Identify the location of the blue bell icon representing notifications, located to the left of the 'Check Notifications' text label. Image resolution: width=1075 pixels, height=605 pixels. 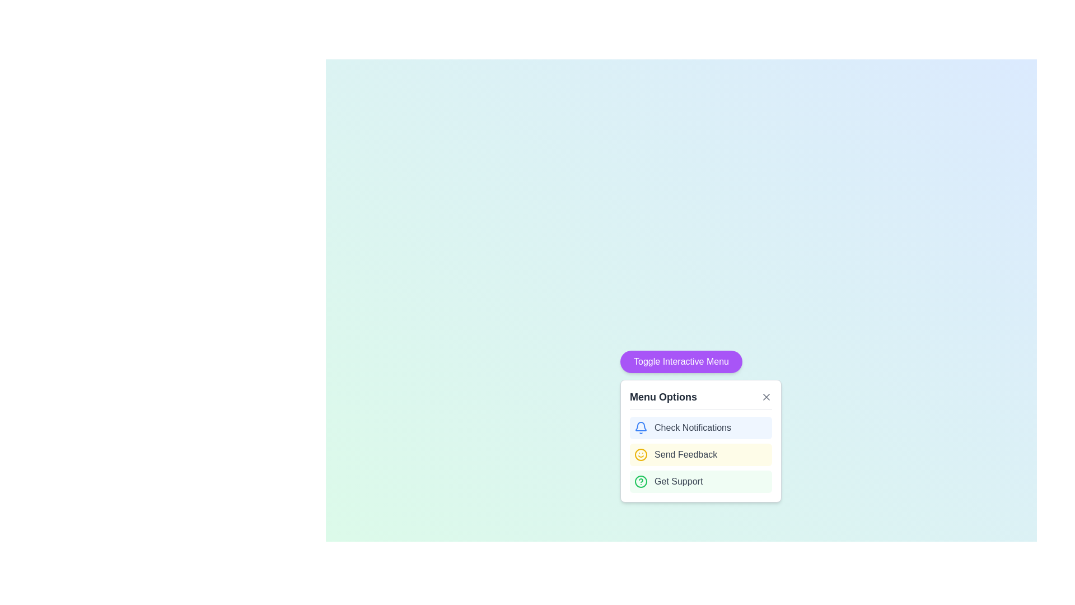
(641, 427).